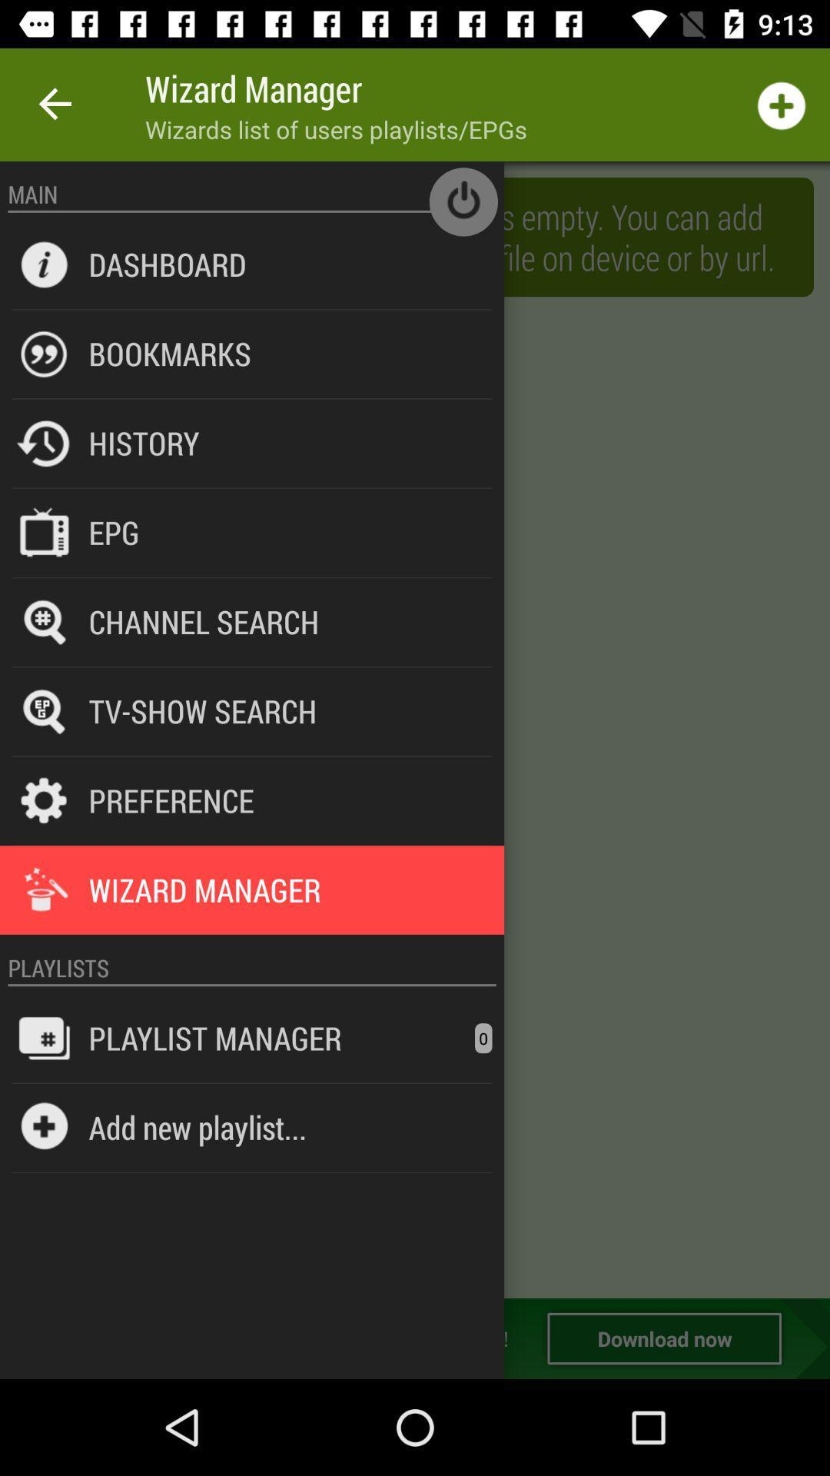  I want to click on tv-show search, so click(201, 710).